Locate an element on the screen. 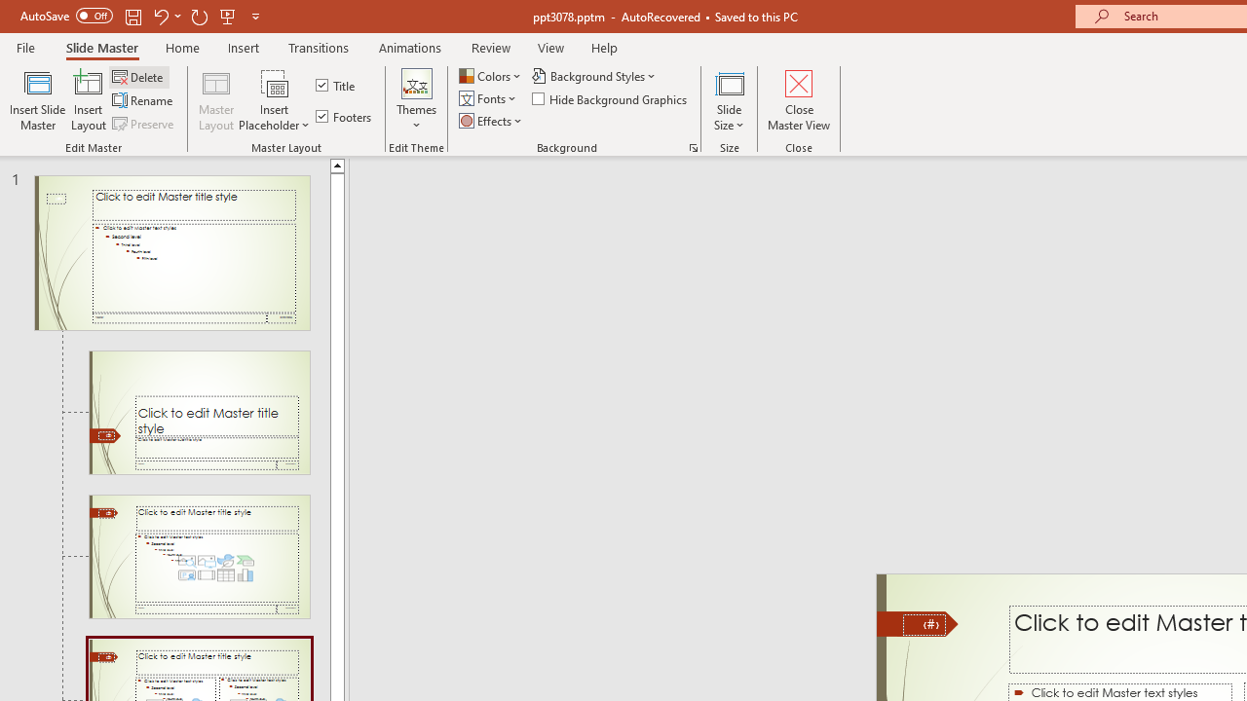 This screenshot has width=1247, height=701. 'Slide Size' is located at coordinates (729, 100).